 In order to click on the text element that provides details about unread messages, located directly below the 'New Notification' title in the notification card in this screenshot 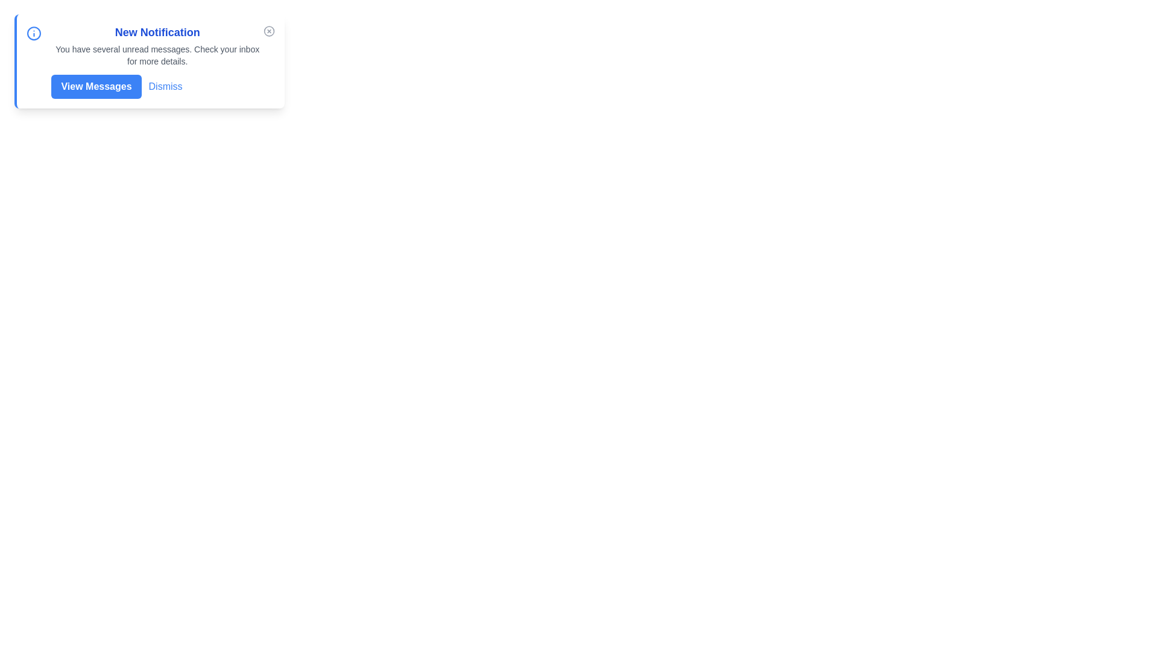, I will do `click(157, 55)`.